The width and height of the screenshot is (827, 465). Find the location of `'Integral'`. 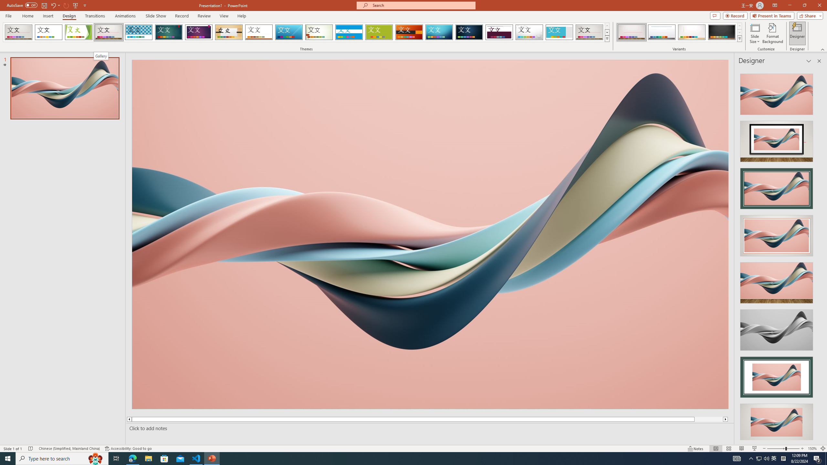

'Integral' is located at coordinates (139, 32).